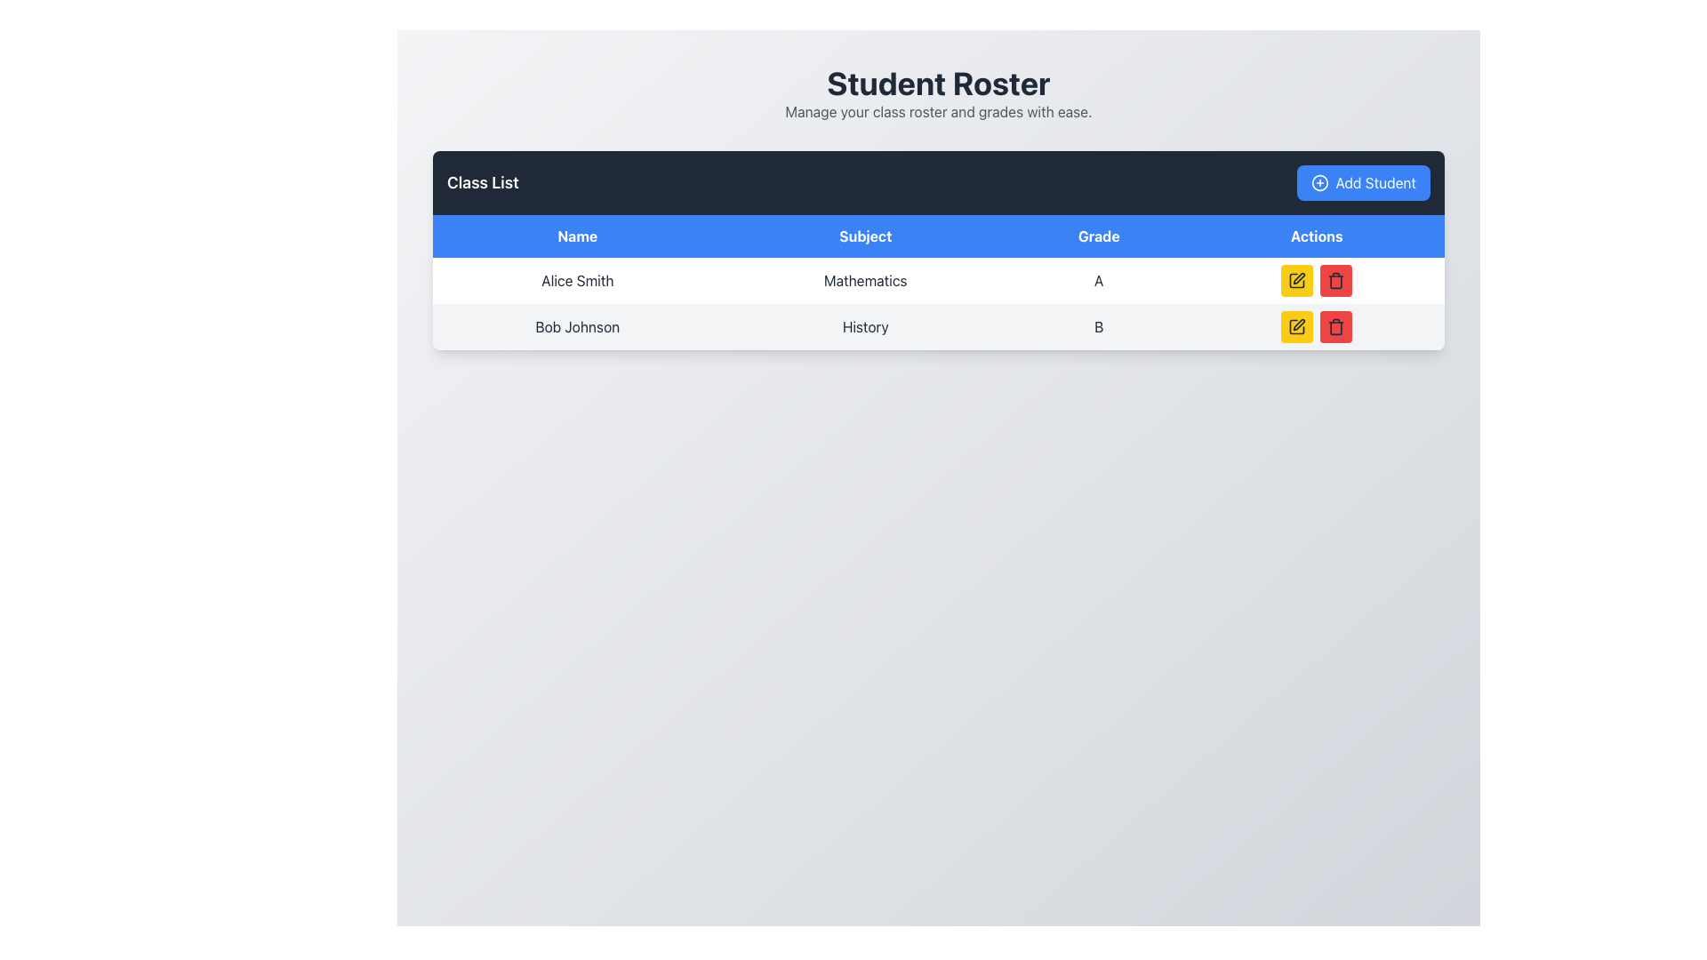 The image size is (1707, 960). What do you see at coordinates (1098, 280) in the screenshot?
I see `the static text label indicating the grade achieved by Alice Smith in the Grade column of the table` at bounding box center [1098, 280].